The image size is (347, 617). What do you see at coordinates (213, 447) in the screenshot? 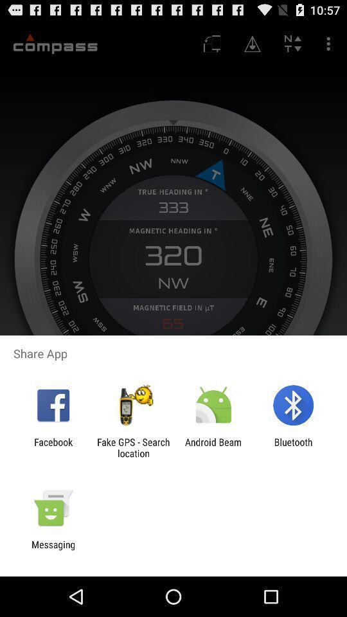
I see `android beam` at bounding box center [213, 447].